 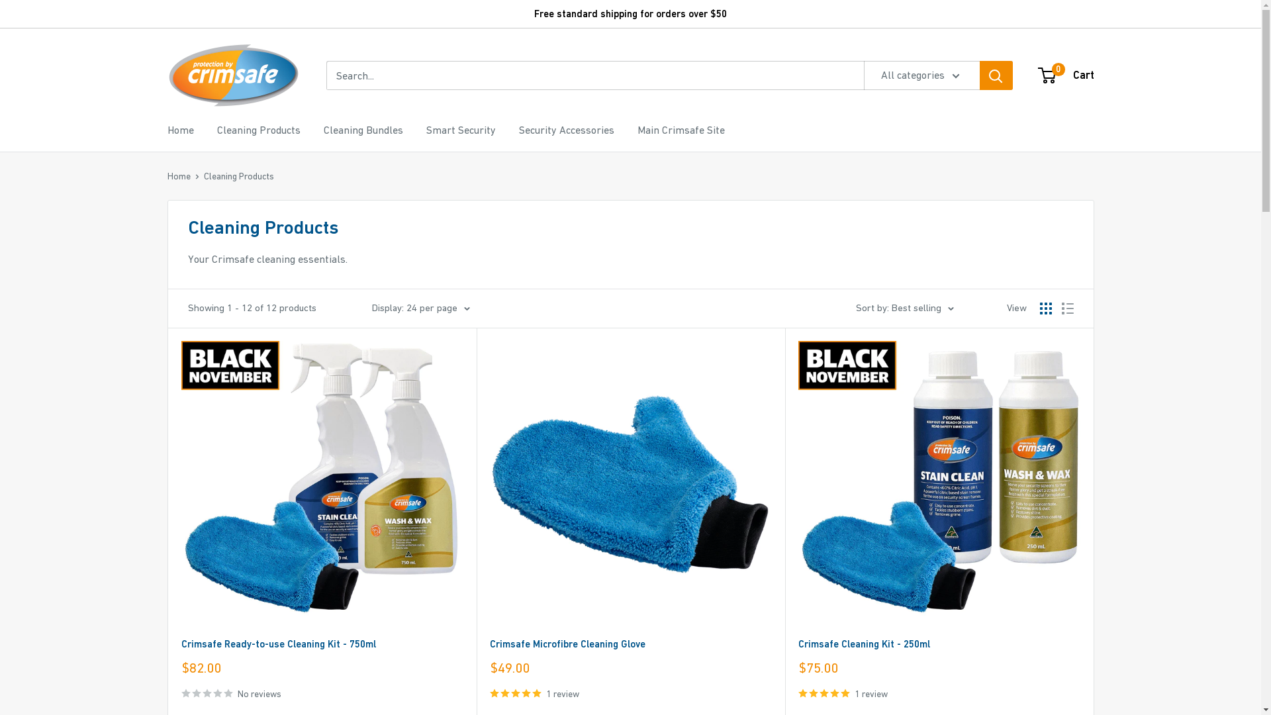 What do you see at coordinates (630, 642) in the screenshot?
I see `'Crimsafe Microfibre Cleaning Glove'` at bounding box center [630, 642].